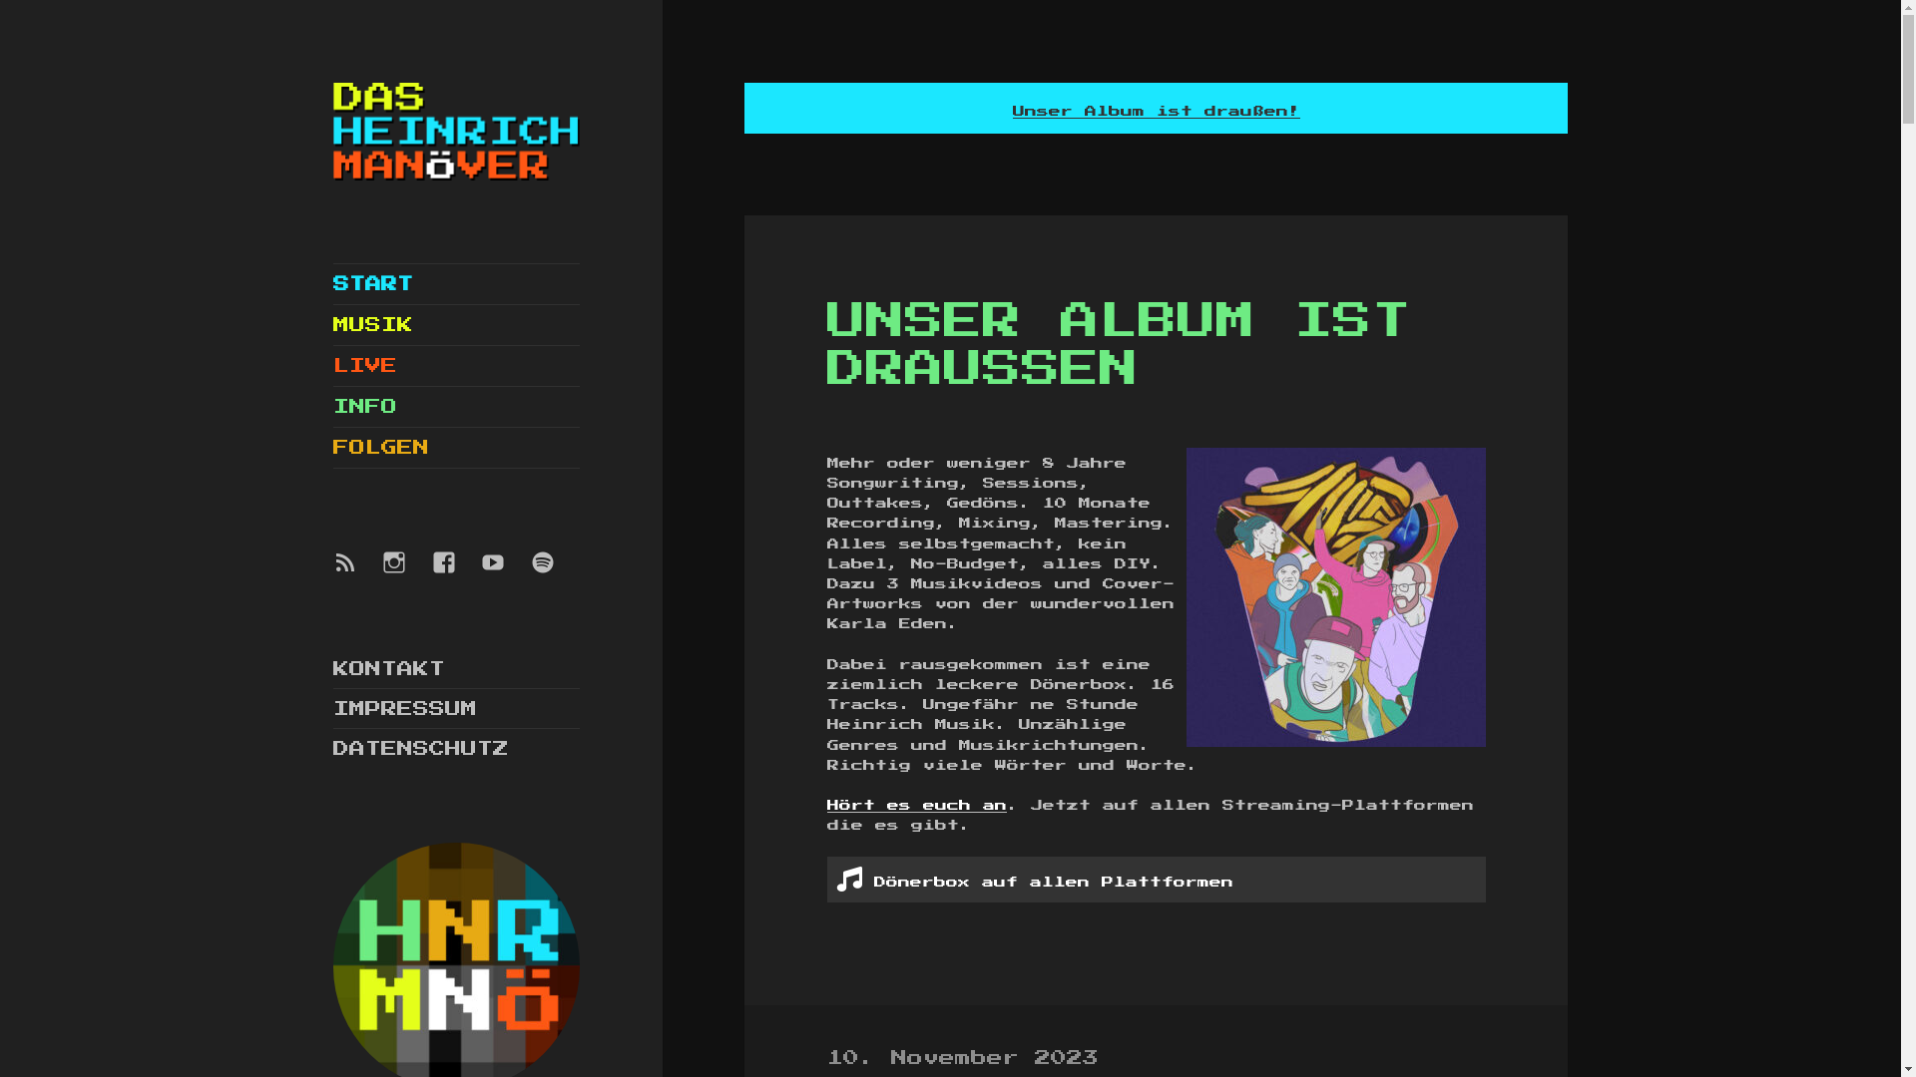 The width and height of the screenshot is (1916, 1077). What do you see at coordinates (405, 573) in the screenshot?
I see `'INSTAGRAM'` at bounding box center [405, 573].